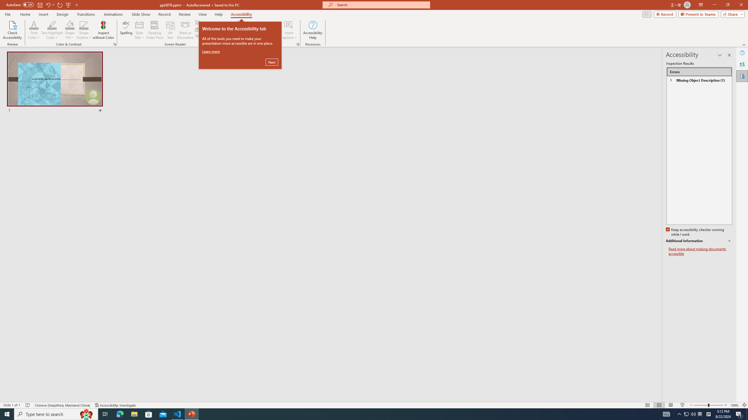 The height and width of the screenshot is (420, 748). Describe the element at coordinates (288, 24) in the screenshot. I see `'Insert Captions'` at that location.